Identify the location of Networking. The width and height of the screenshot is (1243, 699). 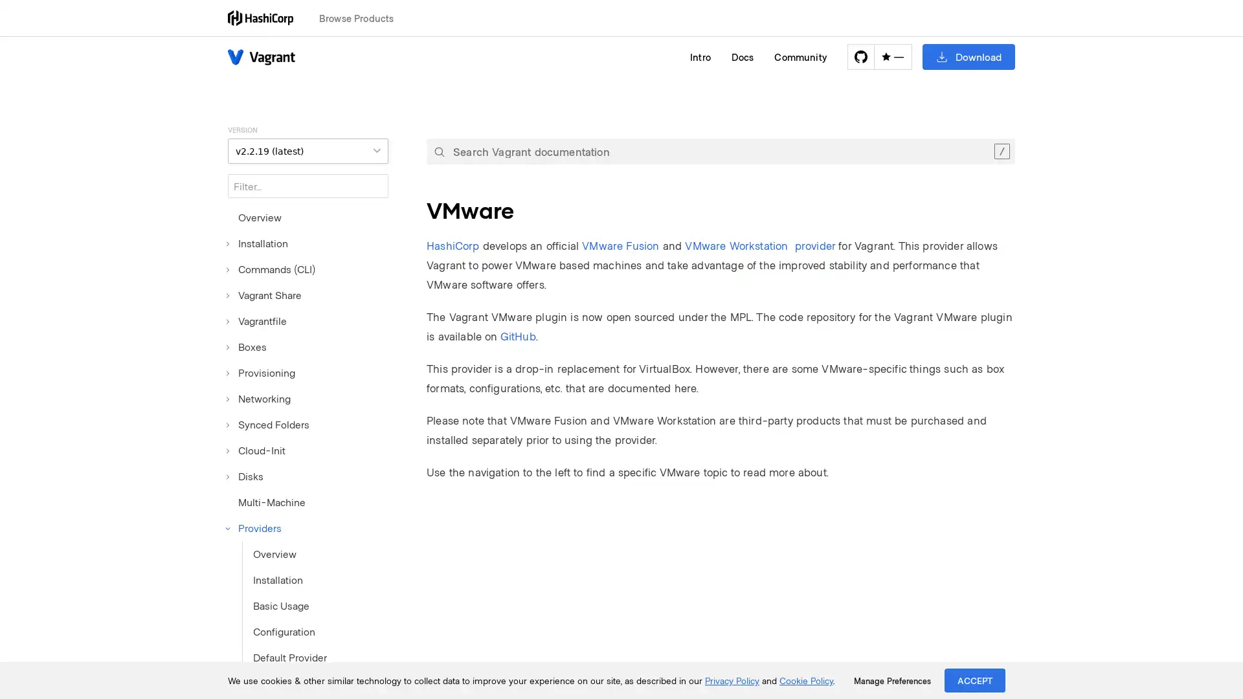
(259, 398).